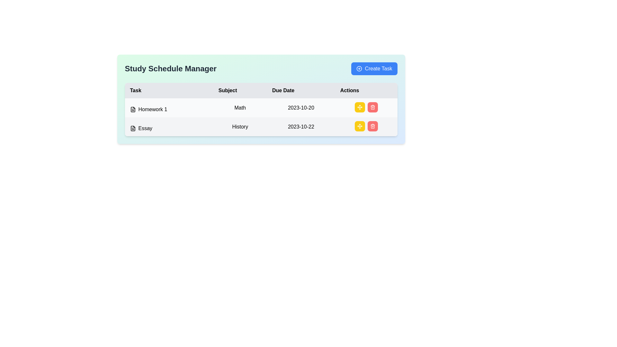 The height and width of the screenshot is (347, 617). Describe the element at coordinates (372, 127) in the screenshot. I see `the red-colored trash can icon located` at that location.